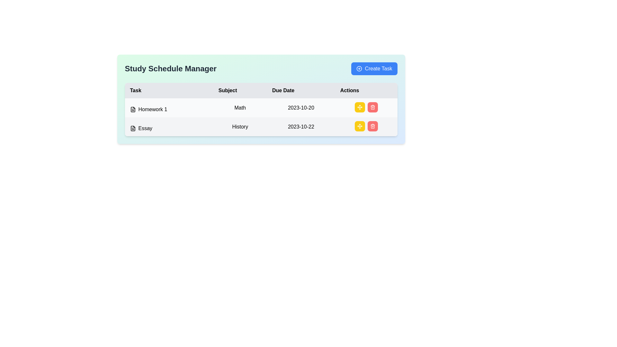 The height and width of the screenshot is (347, 617). Describe the element at coordinates (372, 127) in the screenshot. I see `the red-colored trash can icon located` at that location.